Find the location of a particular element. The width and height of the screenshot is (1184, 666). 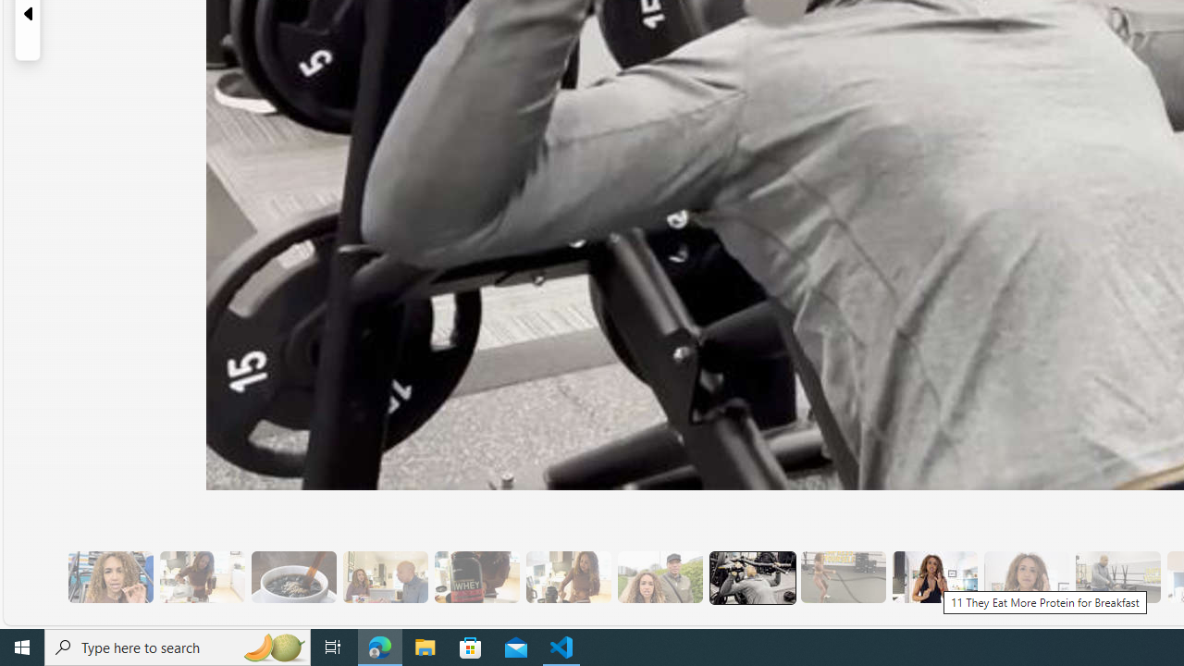

'2 They Use Protein Powder for Flavor' is located at coordinates (109, 576).